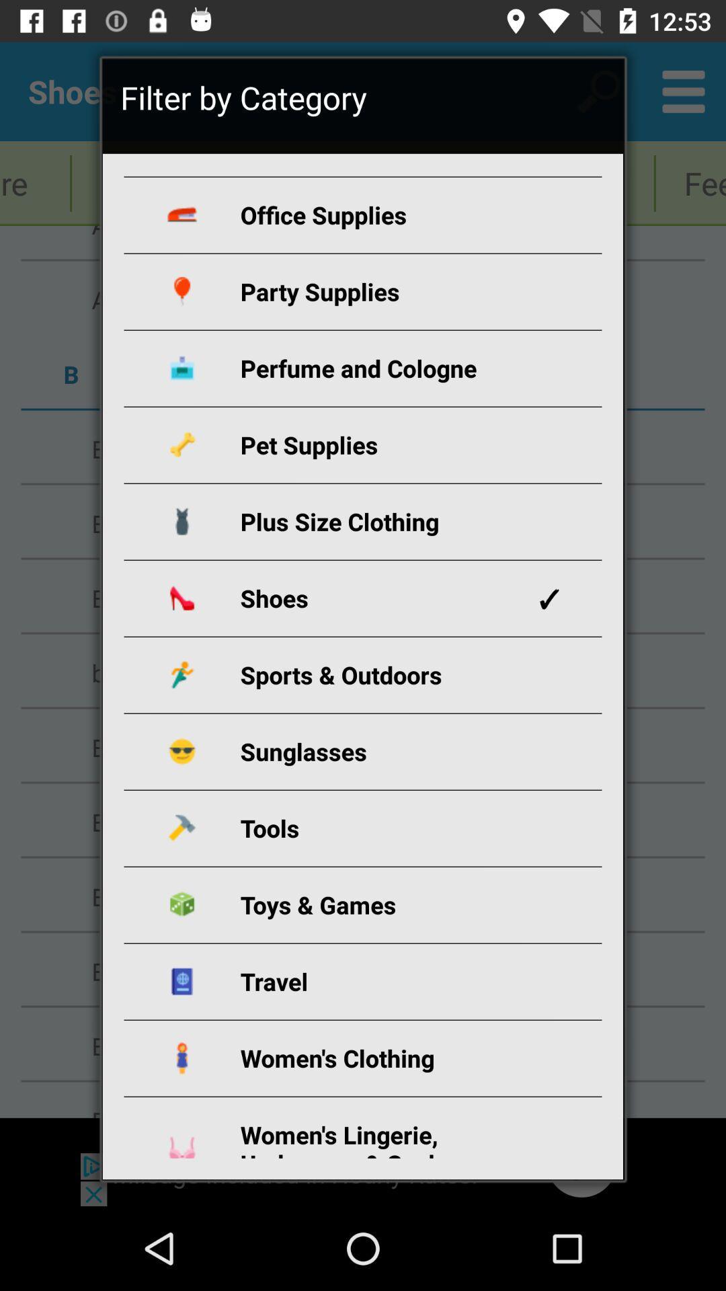 The height and width of the screenshot is (1291, 726). What do you see at coordinates (378, 214) in the screenshot?
I see `app below the filter by category app` at bounding box center [378, 214].